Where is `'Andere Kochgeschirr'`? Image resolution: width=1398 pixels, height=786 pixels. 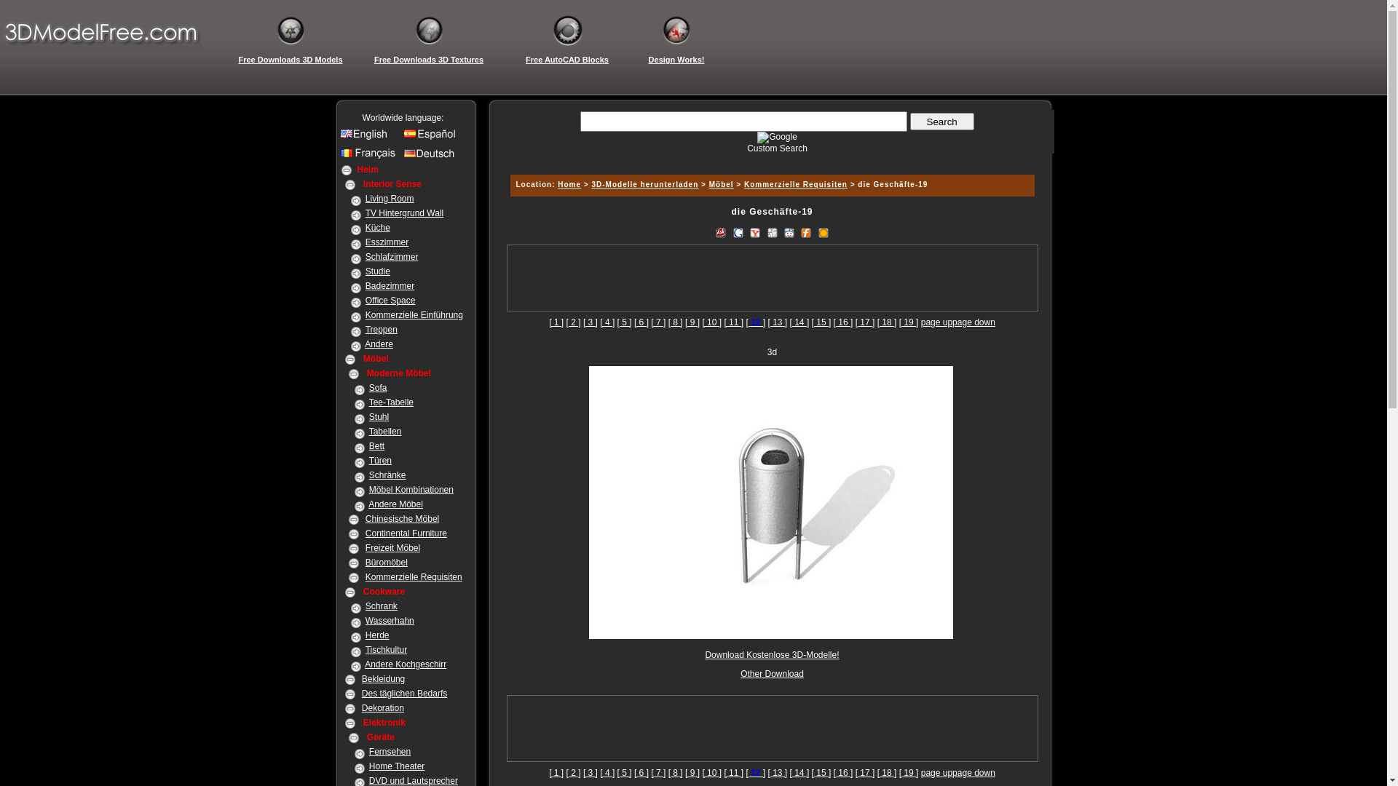 'Andere Kochgeschirr' is located at coordinates (405, 664).